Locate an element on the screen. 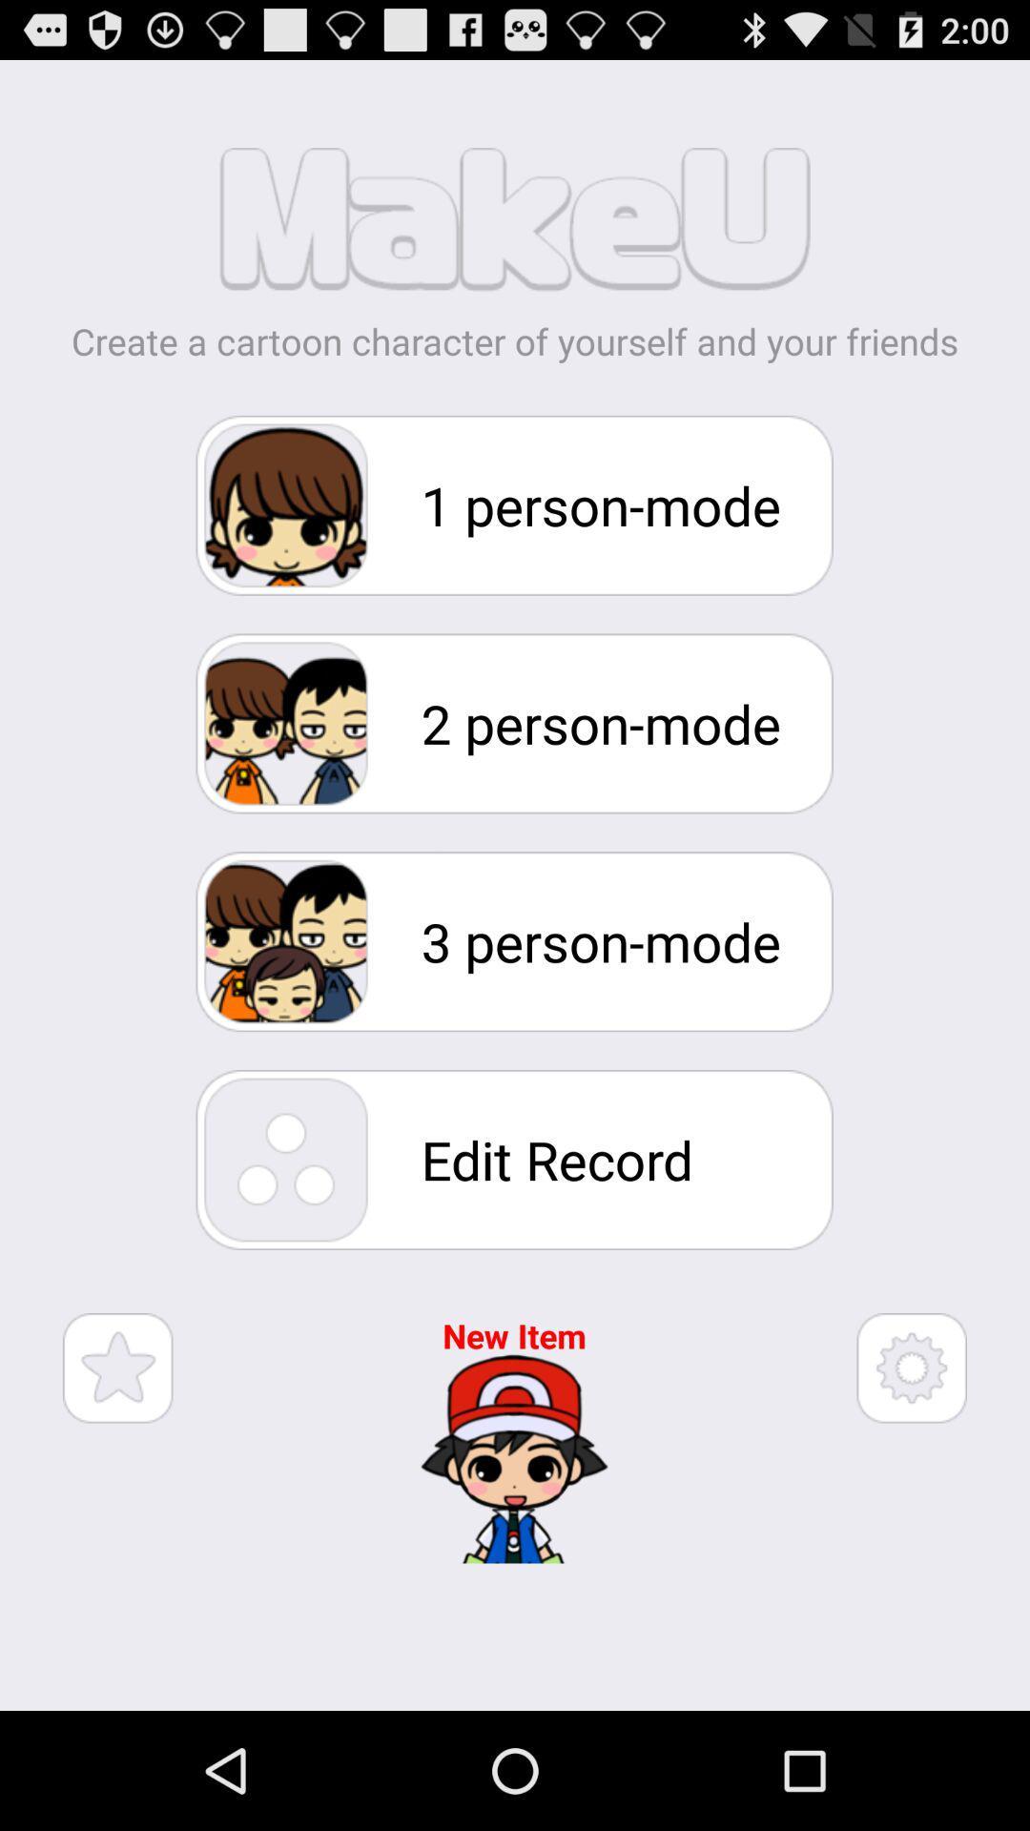 Image resolution: width=1030 pixels, height=1831 pixels. settings is located at coordinates (911, 1367).